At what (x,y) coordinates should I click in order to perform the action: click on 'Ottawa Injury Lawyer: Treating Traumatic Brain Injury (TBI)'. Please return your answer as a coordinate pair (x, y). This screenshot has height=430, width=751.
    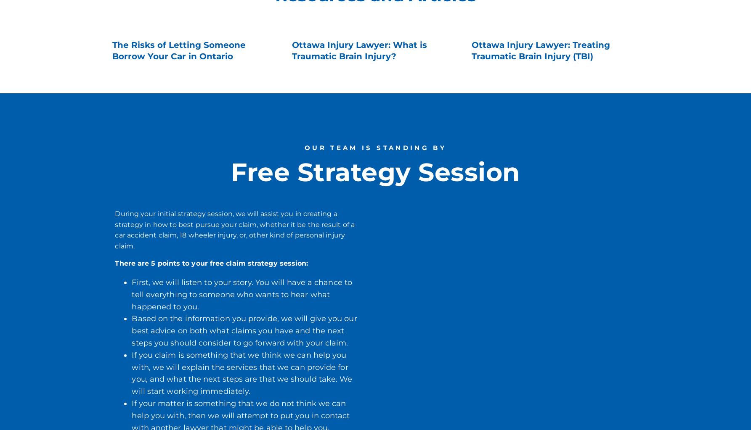
    Looking at the image, I should click on (540, 50).